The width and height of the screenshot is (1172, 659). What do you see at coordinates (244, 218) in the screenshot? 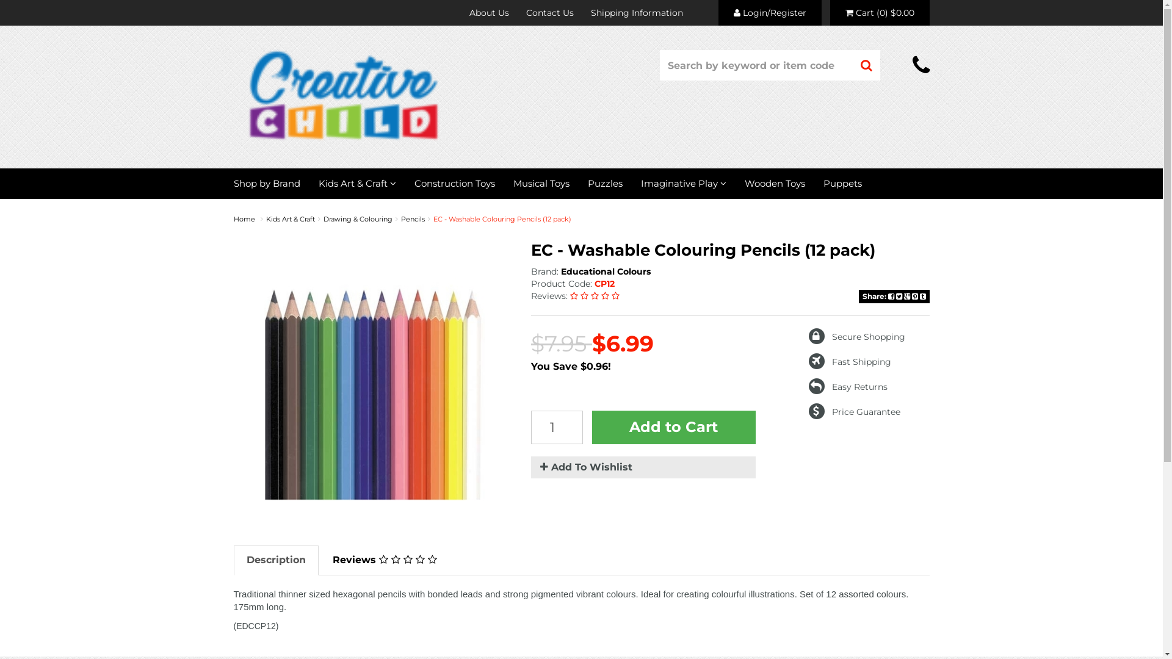
I see `'Home'` at bounding box center [244, 218].